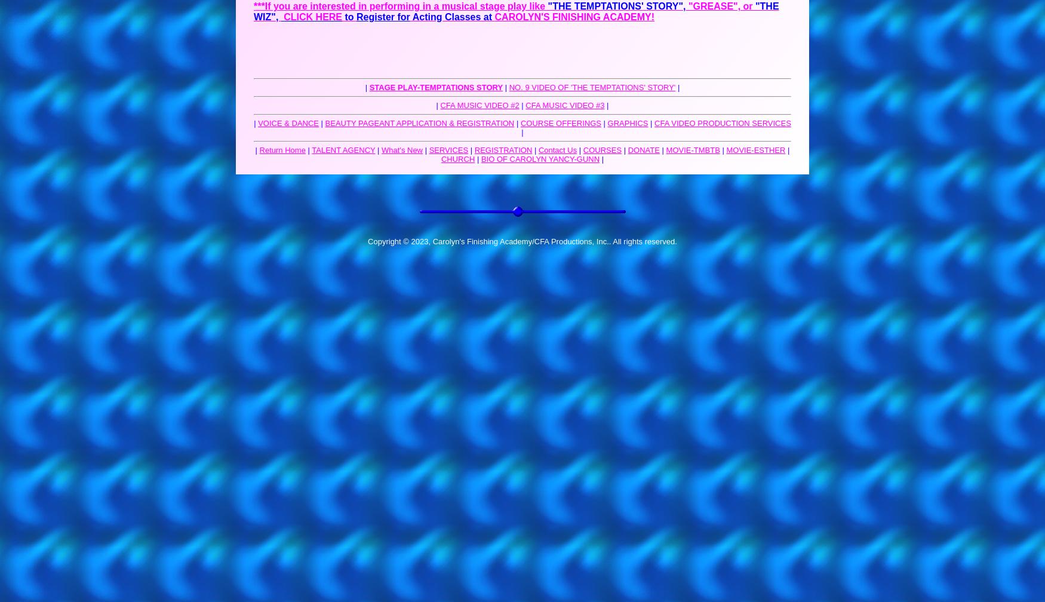 This screenshot has width=1045, height=602. What do you see at coordinates (288, 123) in the screenshot?
I see `'VOICE & DANCE'` at bounding box center [288, 123].